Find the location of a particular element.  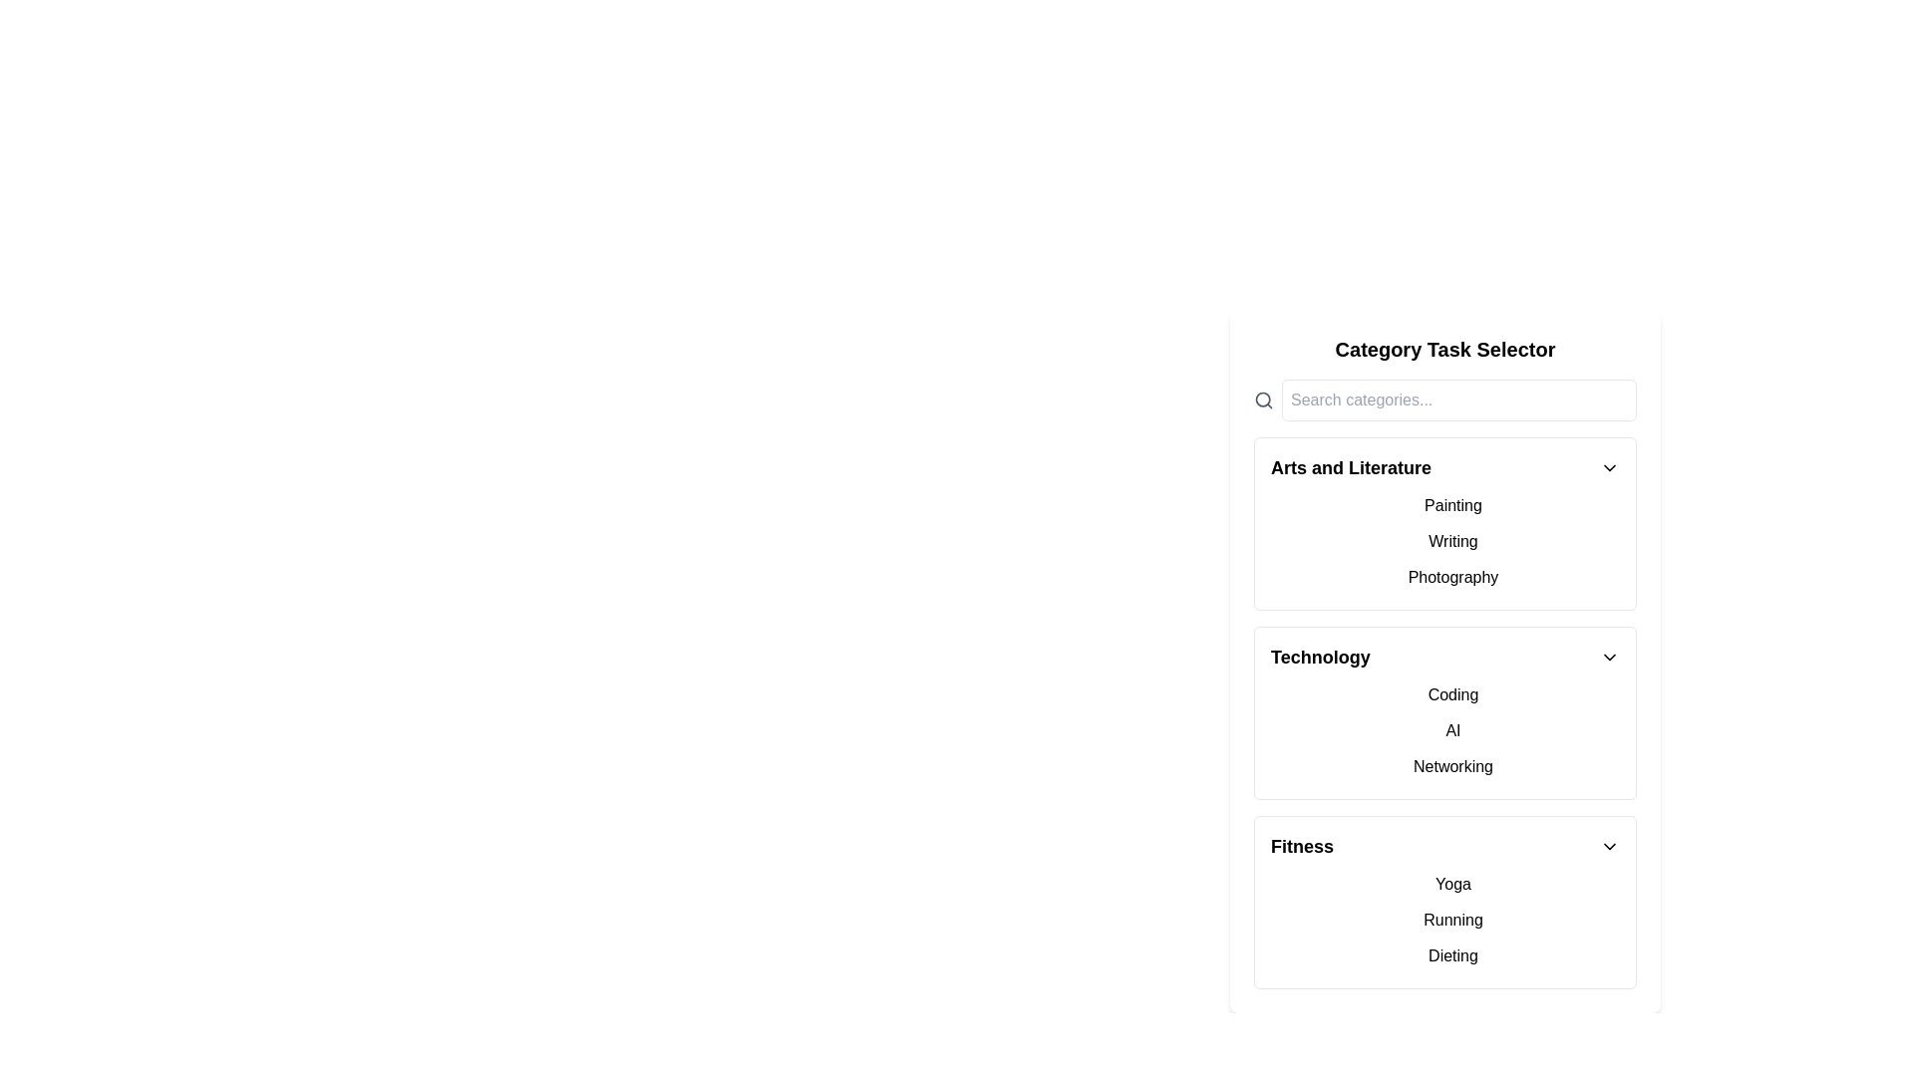

the chevron-down button located on the far right side of the 'Fitness' category header is located at coordinates (1609, 846).